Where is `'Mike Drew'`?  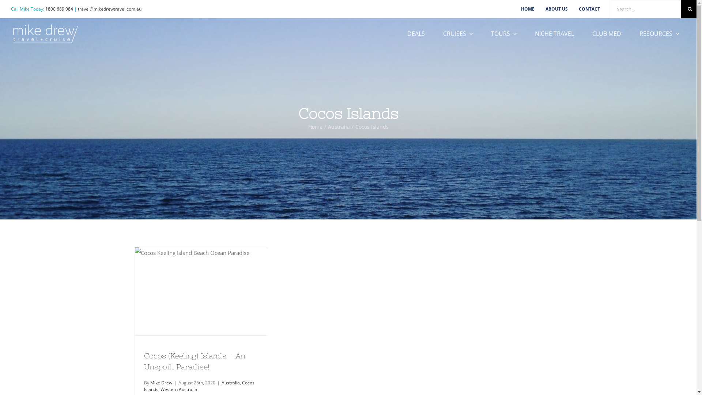 'Mike Drew' is located at coordinates (149, 382).